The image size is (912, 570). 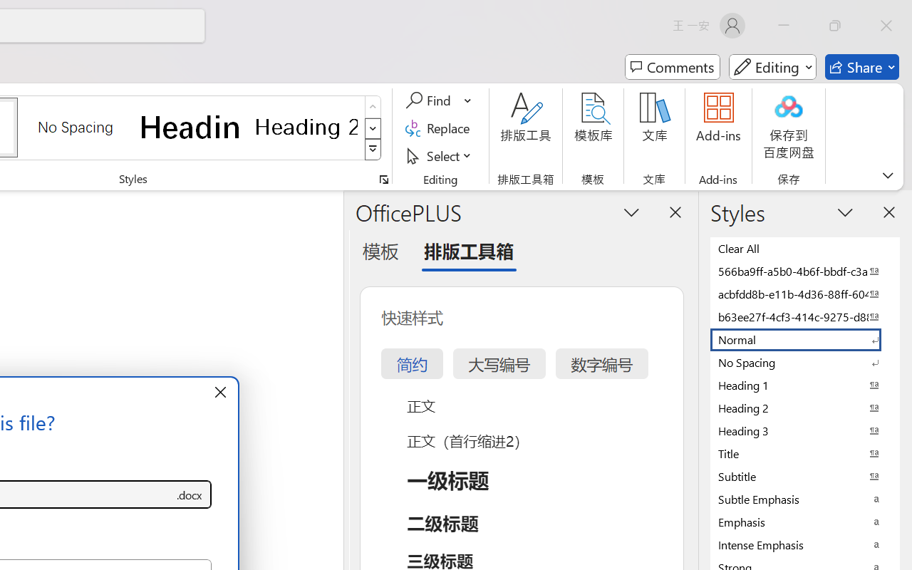 What do you see at coordinates (805, 248) in the screenshot?
I see `'Clear All'` at bounding box center [805, 248].